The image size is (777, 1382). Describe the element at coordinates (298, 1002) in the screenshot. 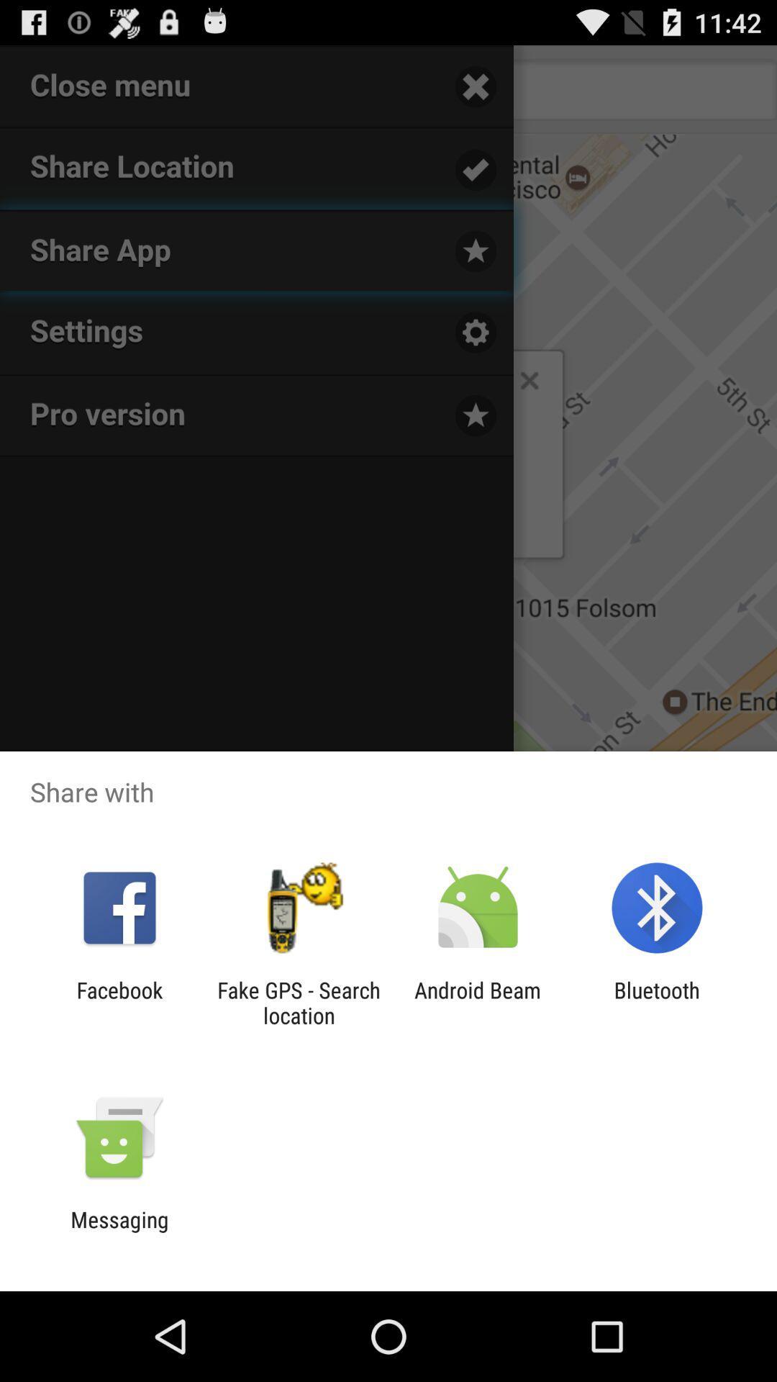

I see `the icon next to android beam icon` at that location.